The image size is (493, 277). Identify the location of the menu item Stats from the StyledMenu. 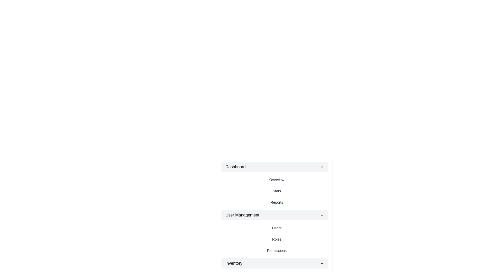
(277, 191).